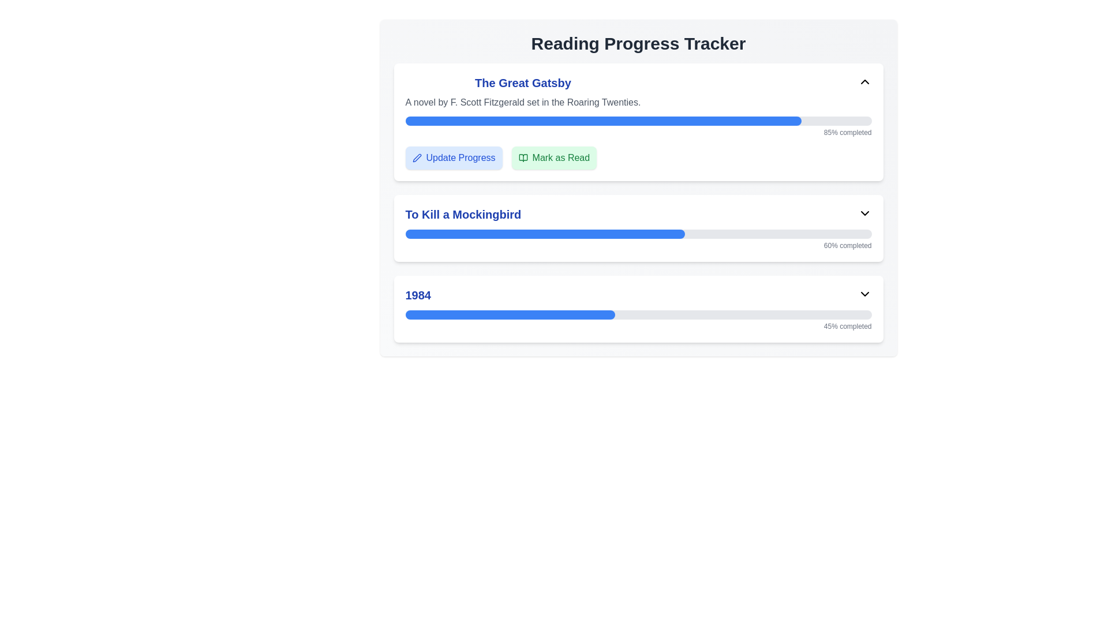 This screenshot has height=623, width=1108. I want to click on the progress bar representing the reading completion of 'To Kill a Mockingbird', located in the 'Reading Progress Tracker' interface, centered below the section title and above the text indicating '60% completed', so click(638, 234).